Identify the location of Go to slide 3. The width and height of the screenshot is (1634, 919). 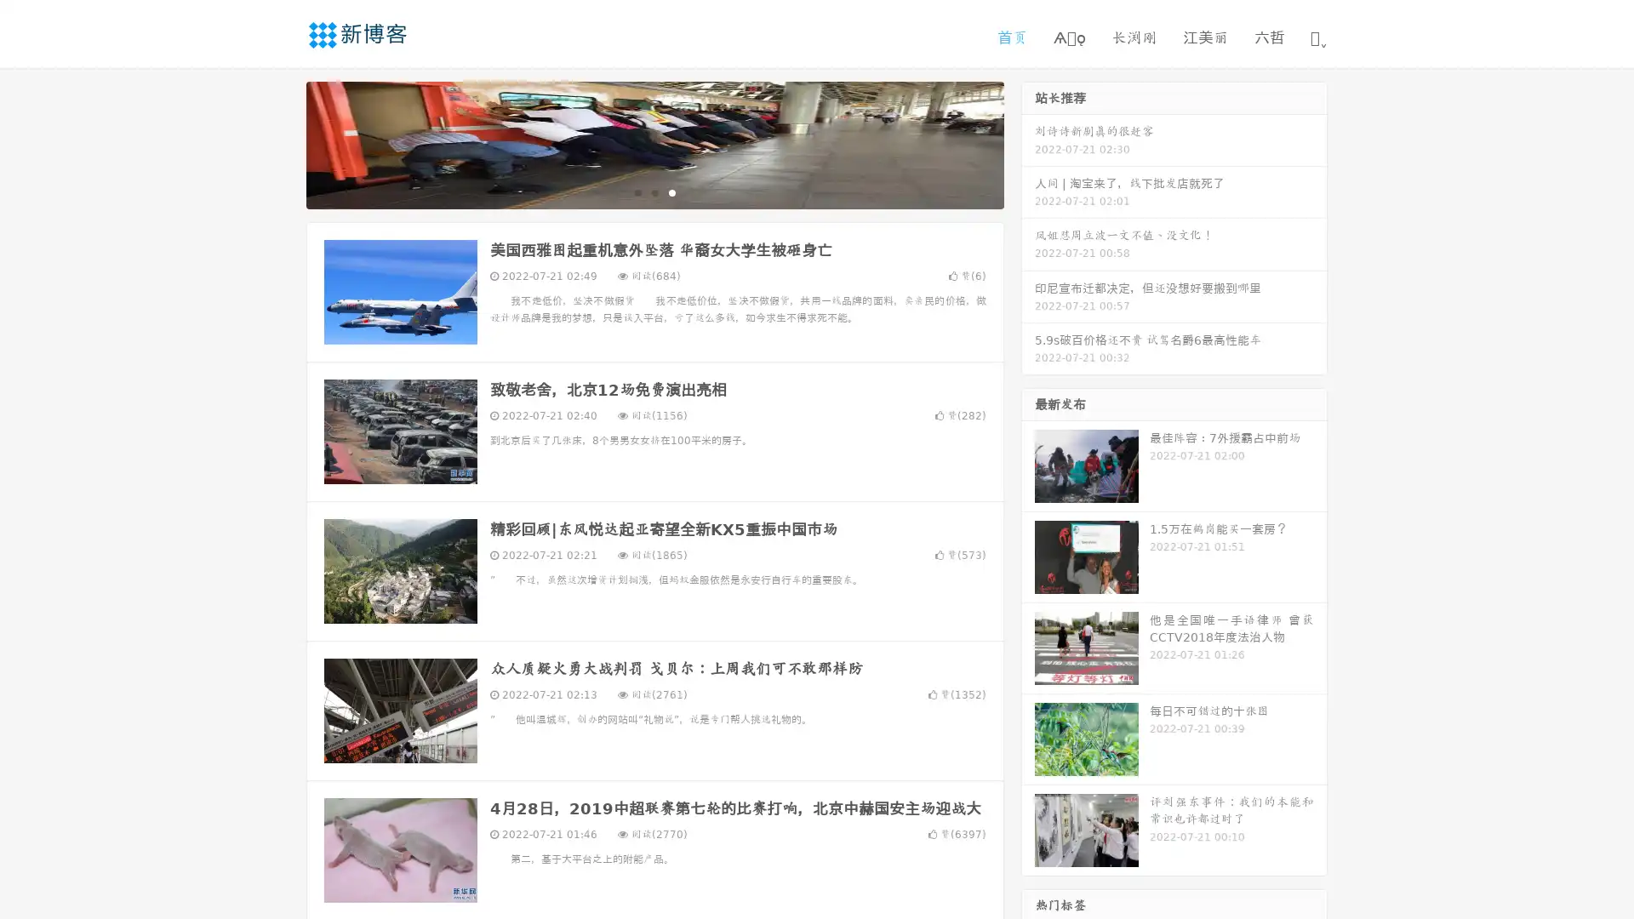
(671, 191).